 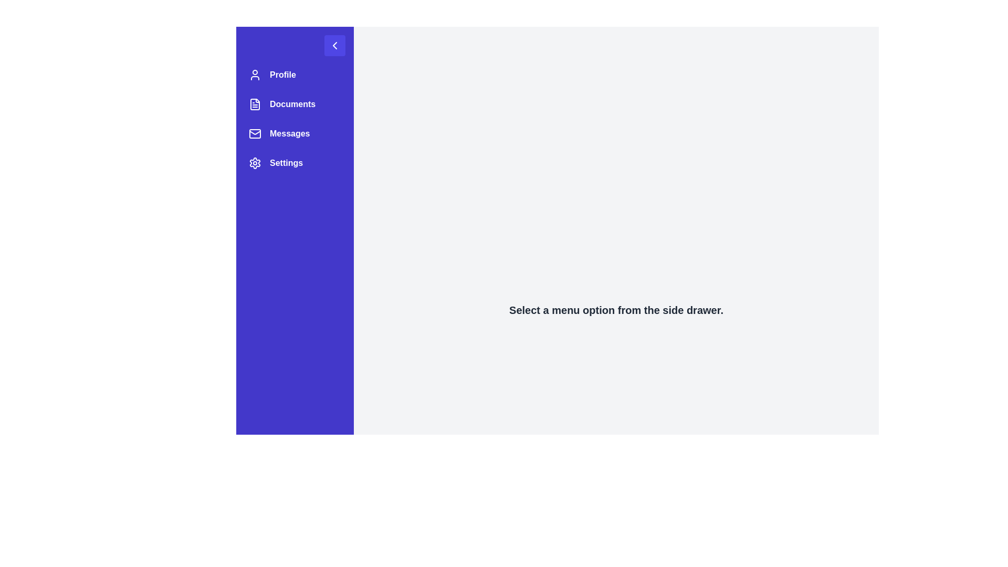 I want to click on the 'Settings' text label in the navigation menu, which is the fourth item with a blue background, located on the left side of the interface, so click(x=286, y=163).